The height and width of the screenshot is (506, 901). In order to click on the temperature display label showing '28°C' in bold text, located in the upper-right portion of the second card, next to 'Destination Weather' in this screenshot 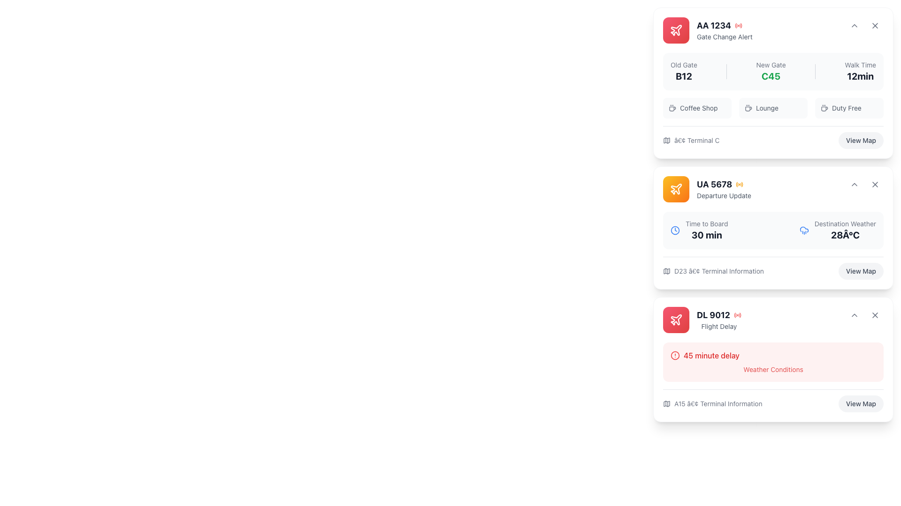, I will do `click(845, 234)`.